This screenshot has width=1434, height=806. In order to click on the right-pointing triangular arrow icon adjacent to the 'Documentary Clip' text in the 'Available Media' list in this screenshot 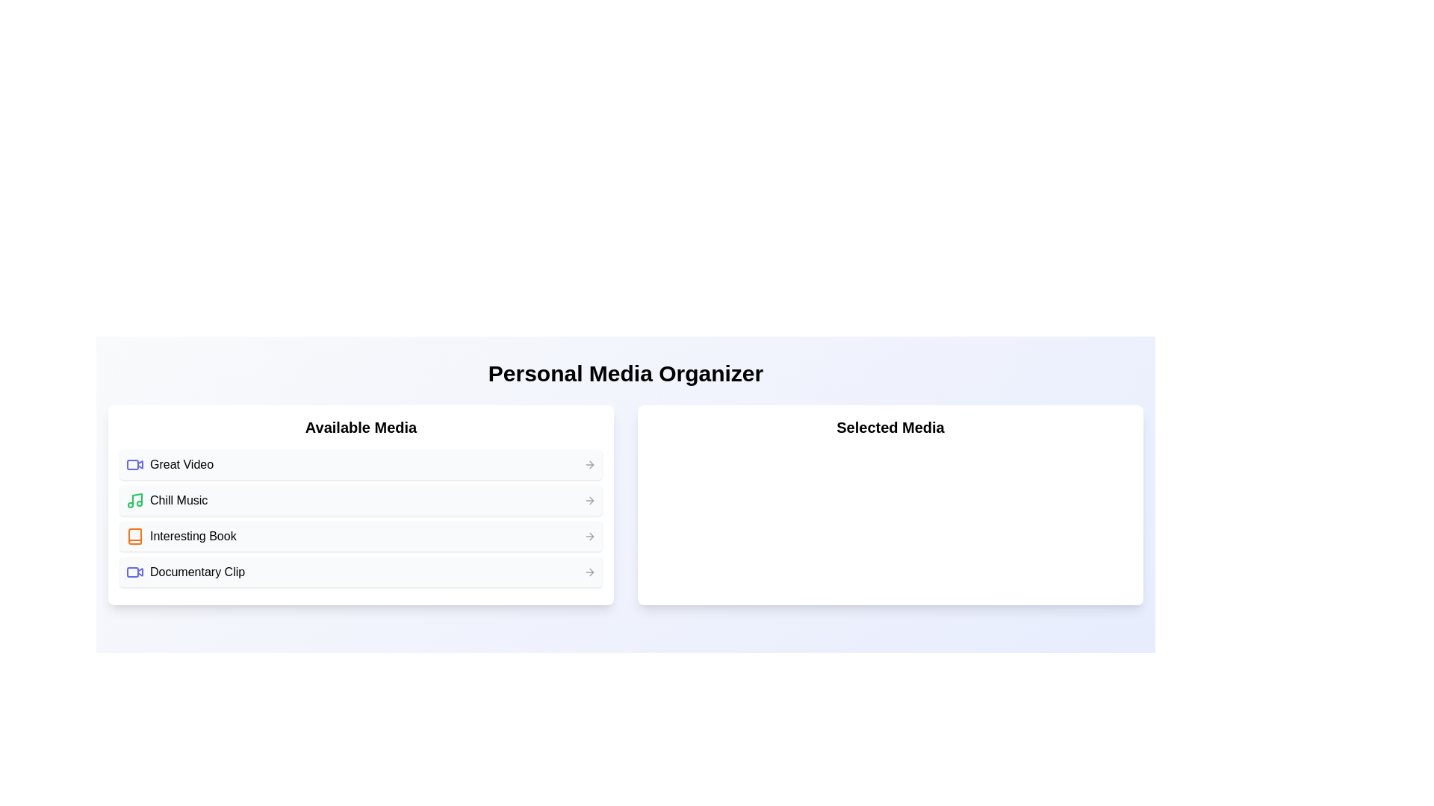, I will do `click(591, 572)`.